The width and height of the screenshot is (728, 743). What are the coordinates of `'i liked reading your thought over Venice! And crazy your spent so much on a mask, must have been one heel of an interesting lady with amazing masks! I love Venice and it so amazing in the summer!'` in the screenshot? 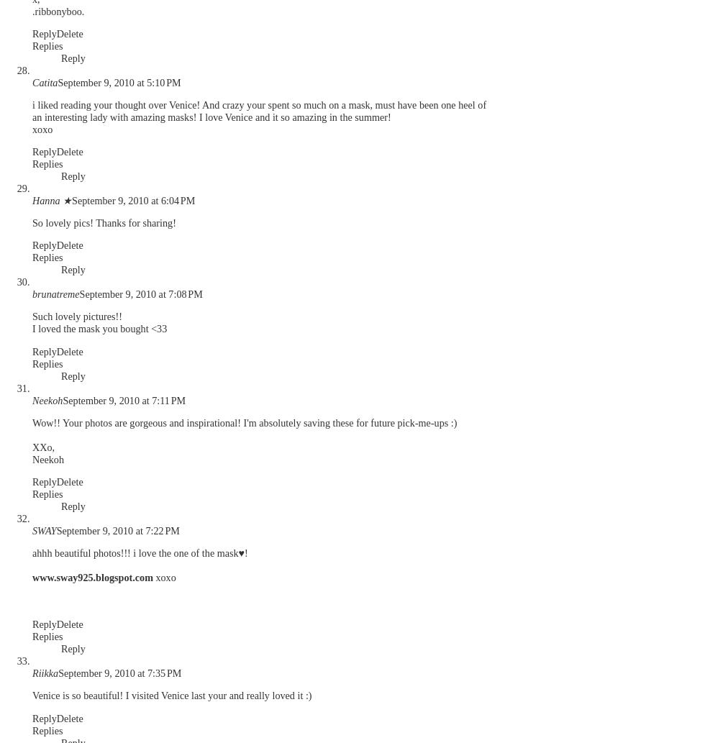 It's located at (258, 110).